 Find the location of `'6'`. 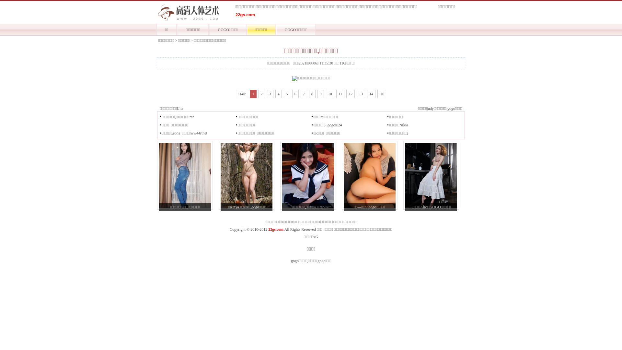

'6' is located at coordinates (295, 94).